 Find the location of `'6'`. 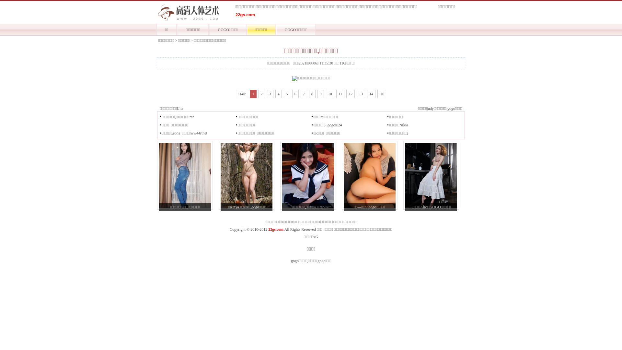

'6' is located at coordinates (295, 94).